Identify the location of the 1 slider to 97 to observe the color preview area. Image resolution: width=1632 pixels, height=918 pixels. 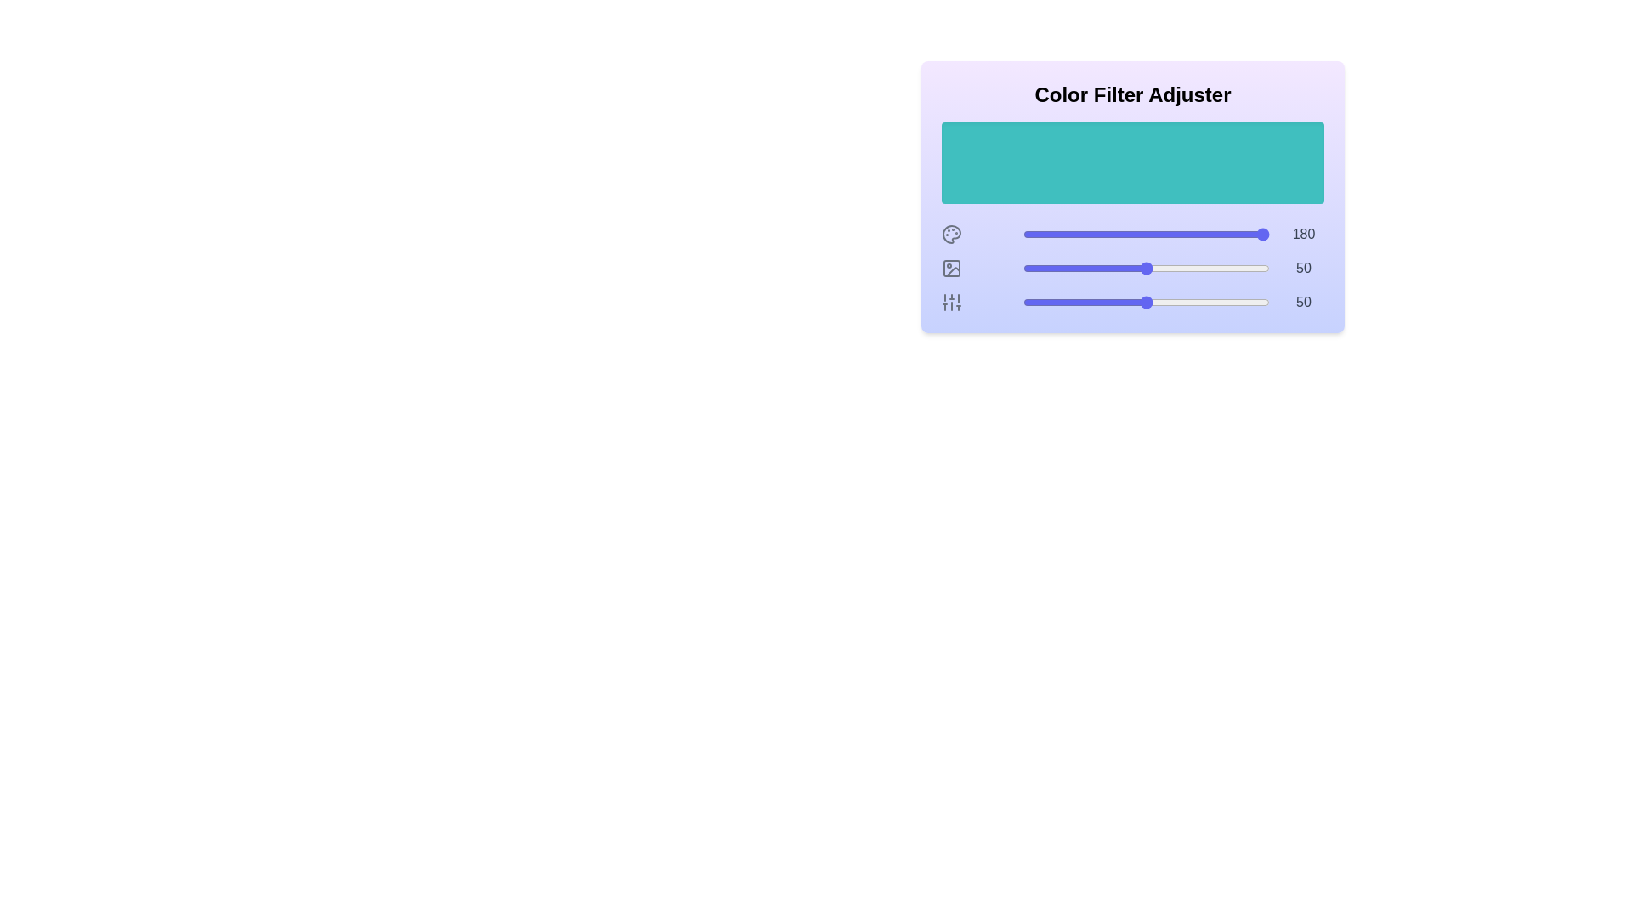
(1262, 268).